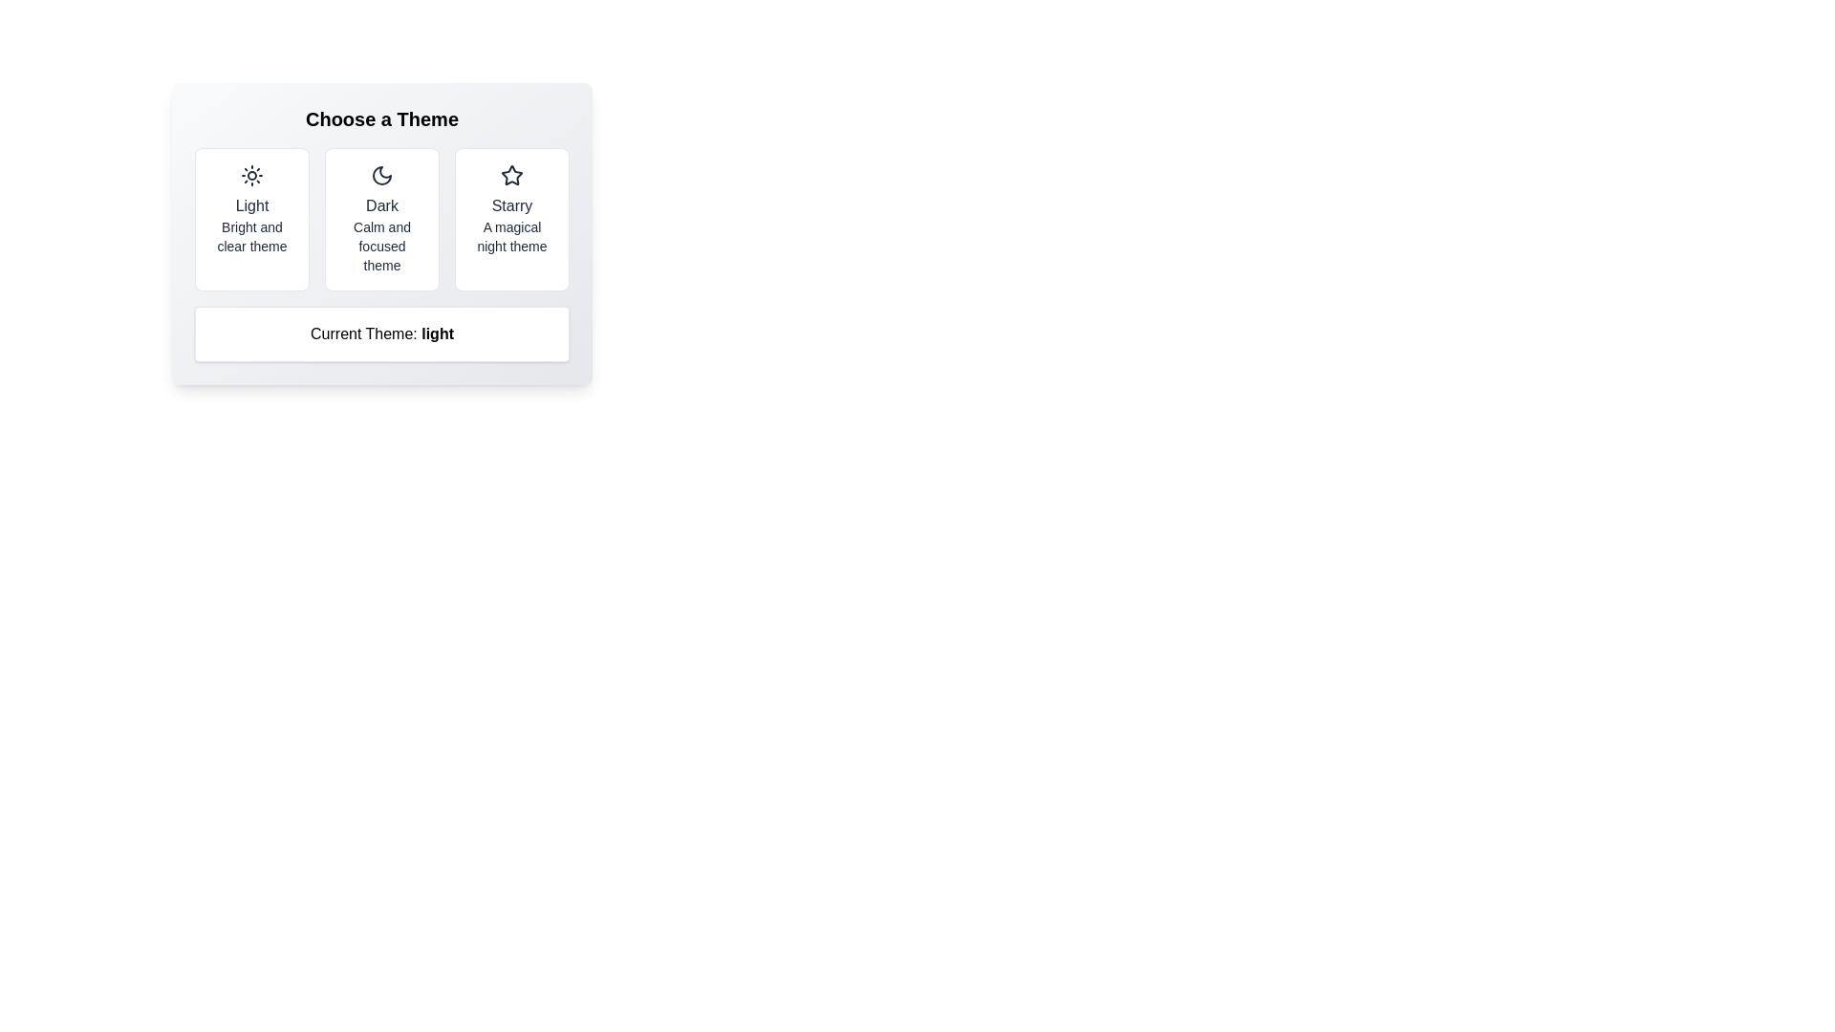 This screenshot has height=1032, width=1835. I want to click on the theme button corresponding to Light, so click(251, 219).